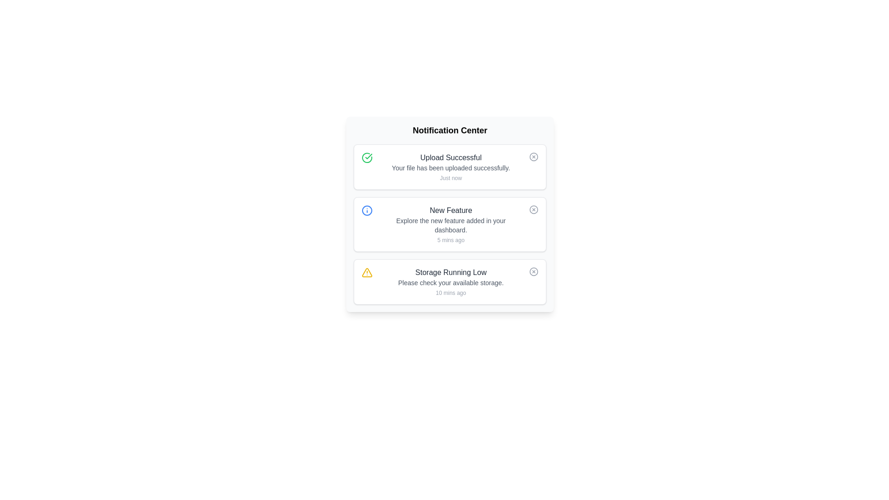 The width and height of the screenshot is (889, 500). I want to click on timestamp text displayed in the bottom-right quadrant of the 'Storage Running Low' notification card, located beneath the message 'Please check your available storage.', so click(451, 293).